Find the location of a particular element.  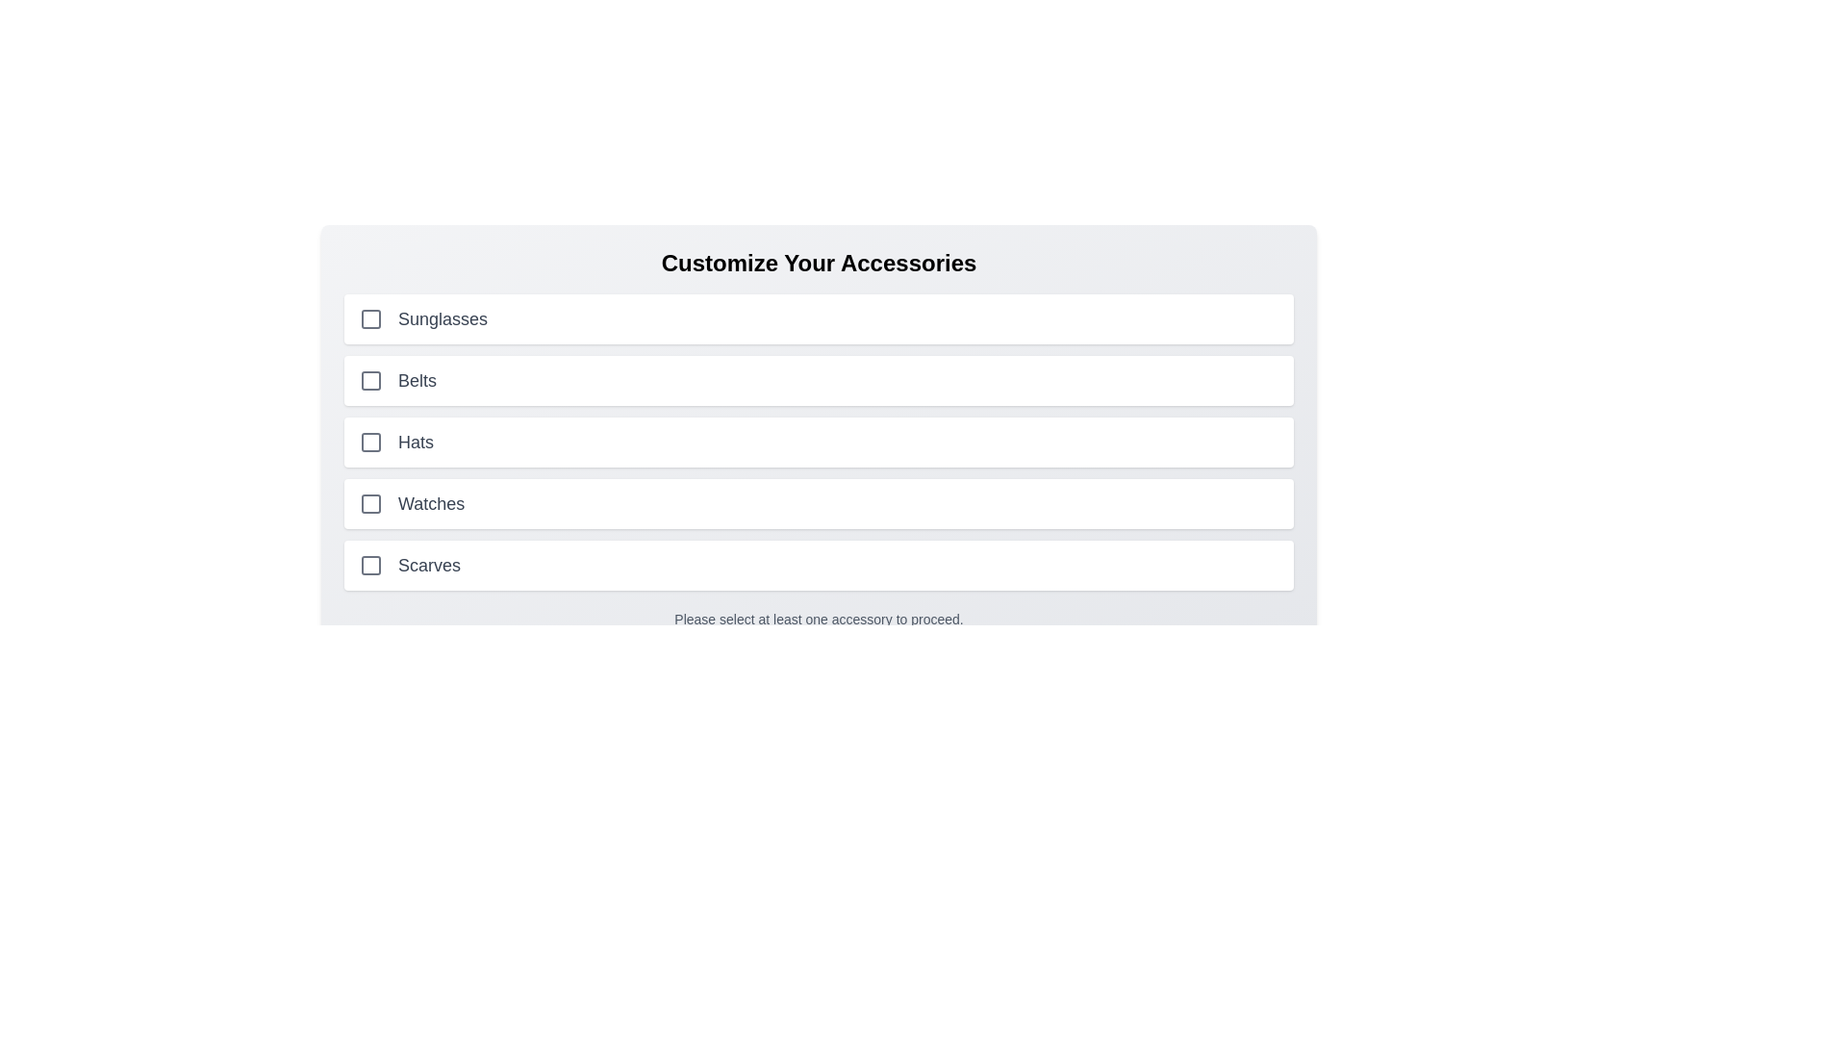

the checkbox located on the left side of the 'Hats' list item is located at coordinates (370, 442).